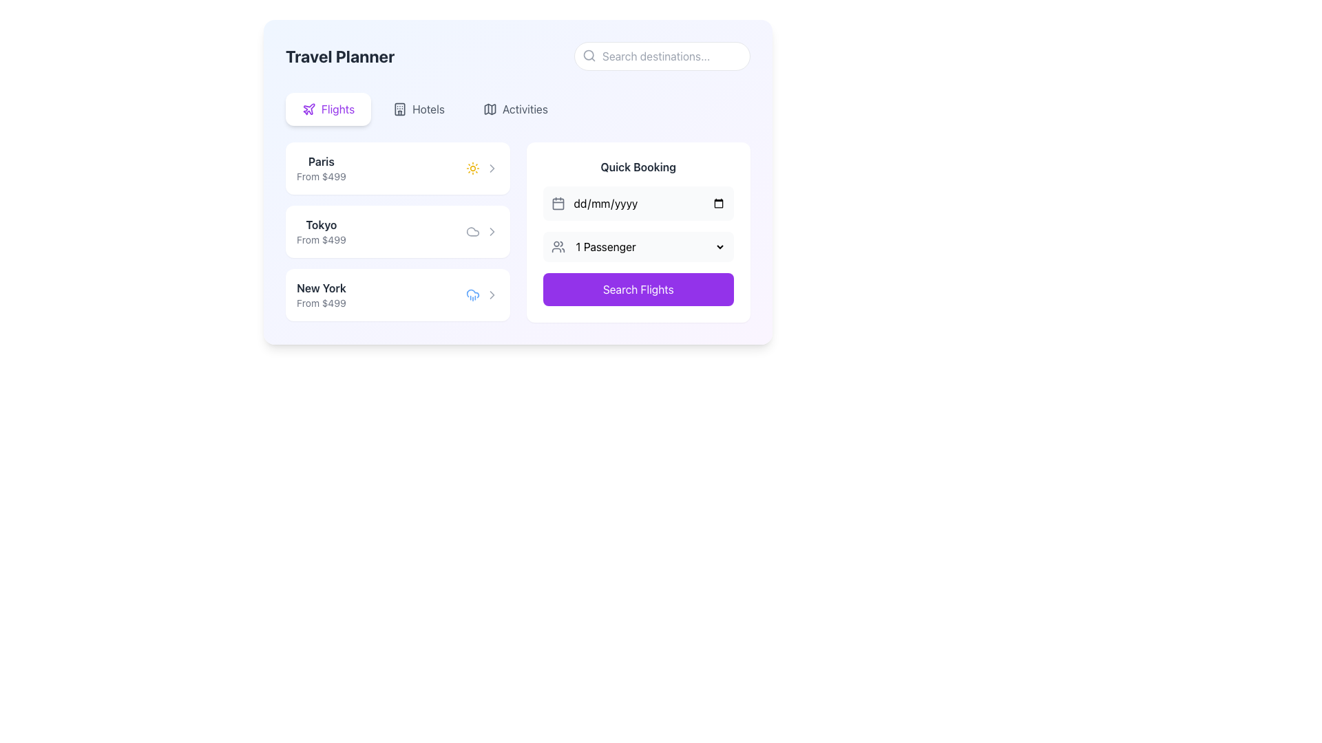  Describe the element at coordinates (558, 246) in the screenshot. I see `the small gray icon depicting a group of people located beside the '1 Passenger' text in the Quick Booking section` at that location.